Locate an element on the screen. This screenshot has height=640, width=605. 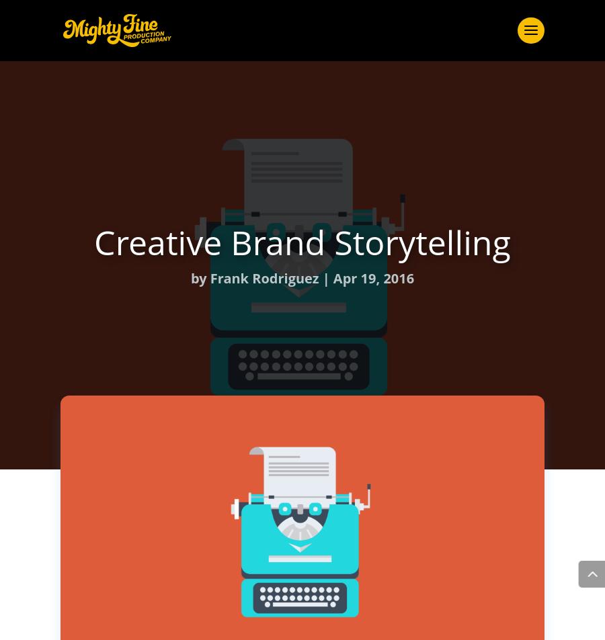
'Careers' is located at coordinates (290, 278).